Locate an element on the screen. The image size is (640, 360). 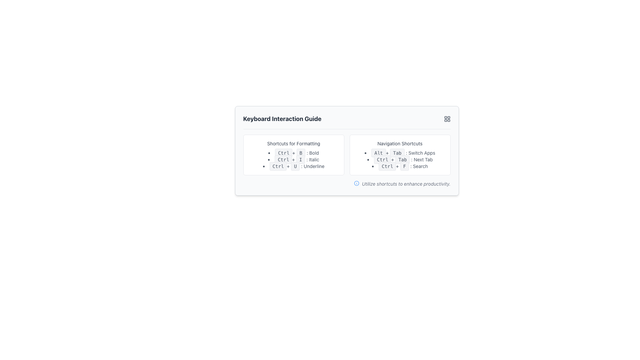
the informational Text List that provides formatting shortcuts for bold, italic, and underline text styles, located within the 'Shortcuts for Formatting' section is located at coordinates (293, 159).